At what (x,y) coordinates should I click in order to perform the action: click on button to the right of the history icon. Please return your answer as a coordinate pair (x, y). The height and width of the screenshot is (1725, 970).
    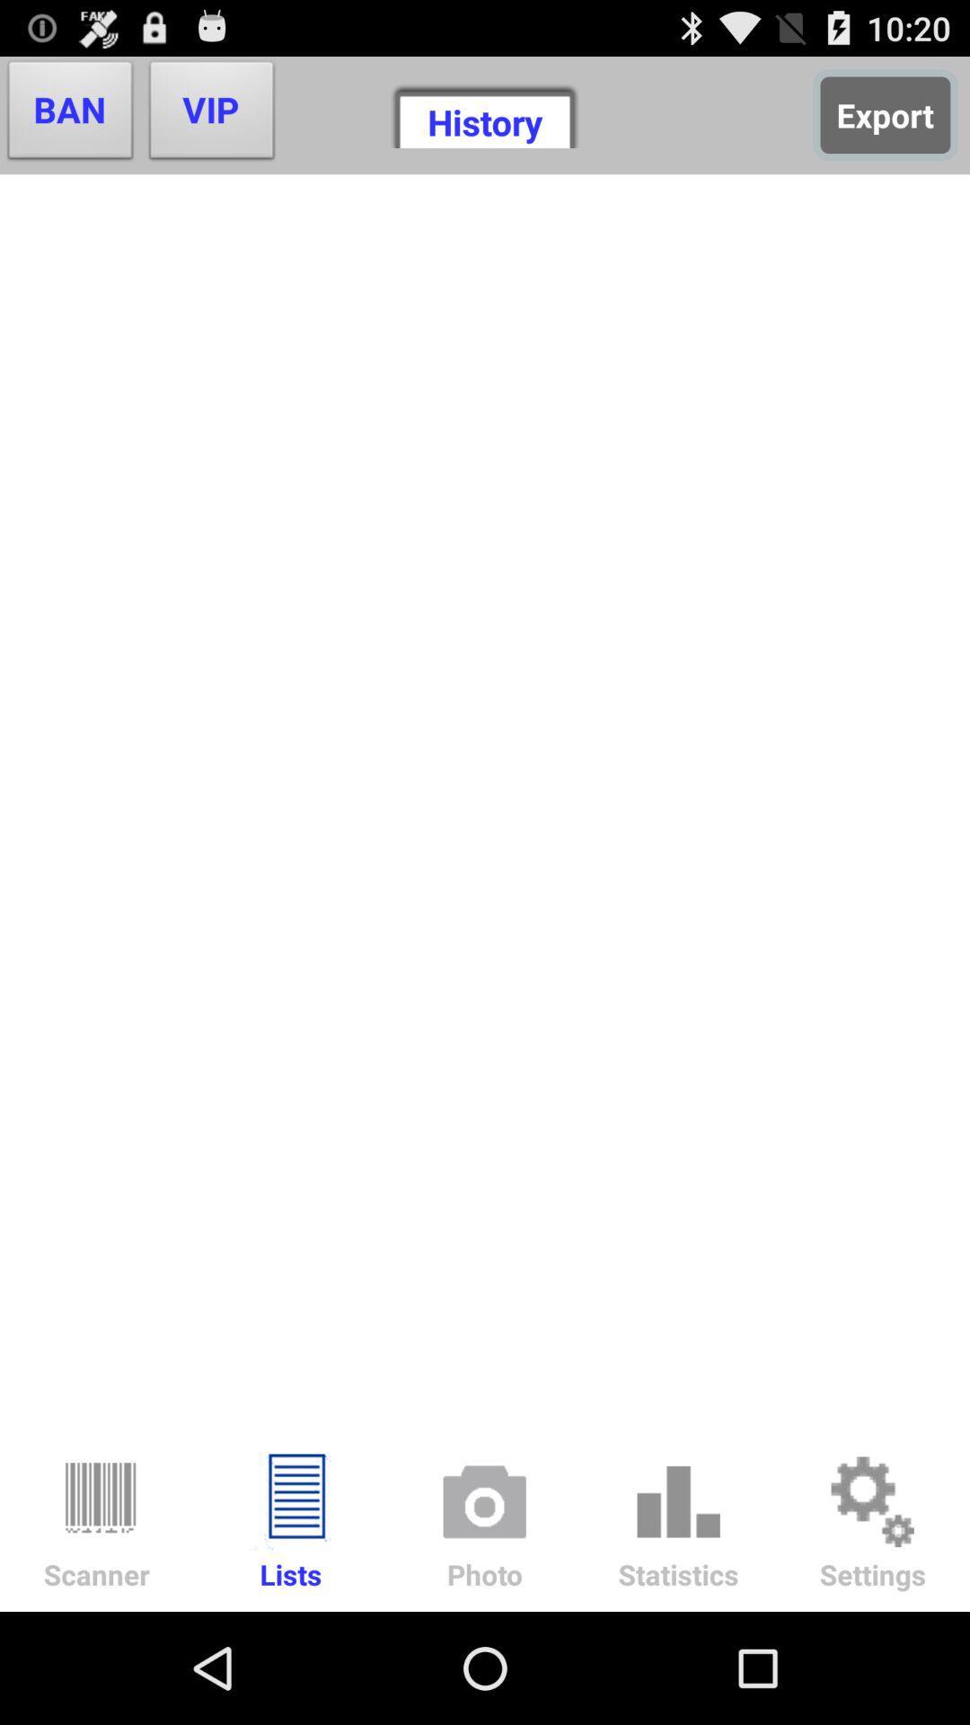
    Looking at the image, I should click on (884, 114).